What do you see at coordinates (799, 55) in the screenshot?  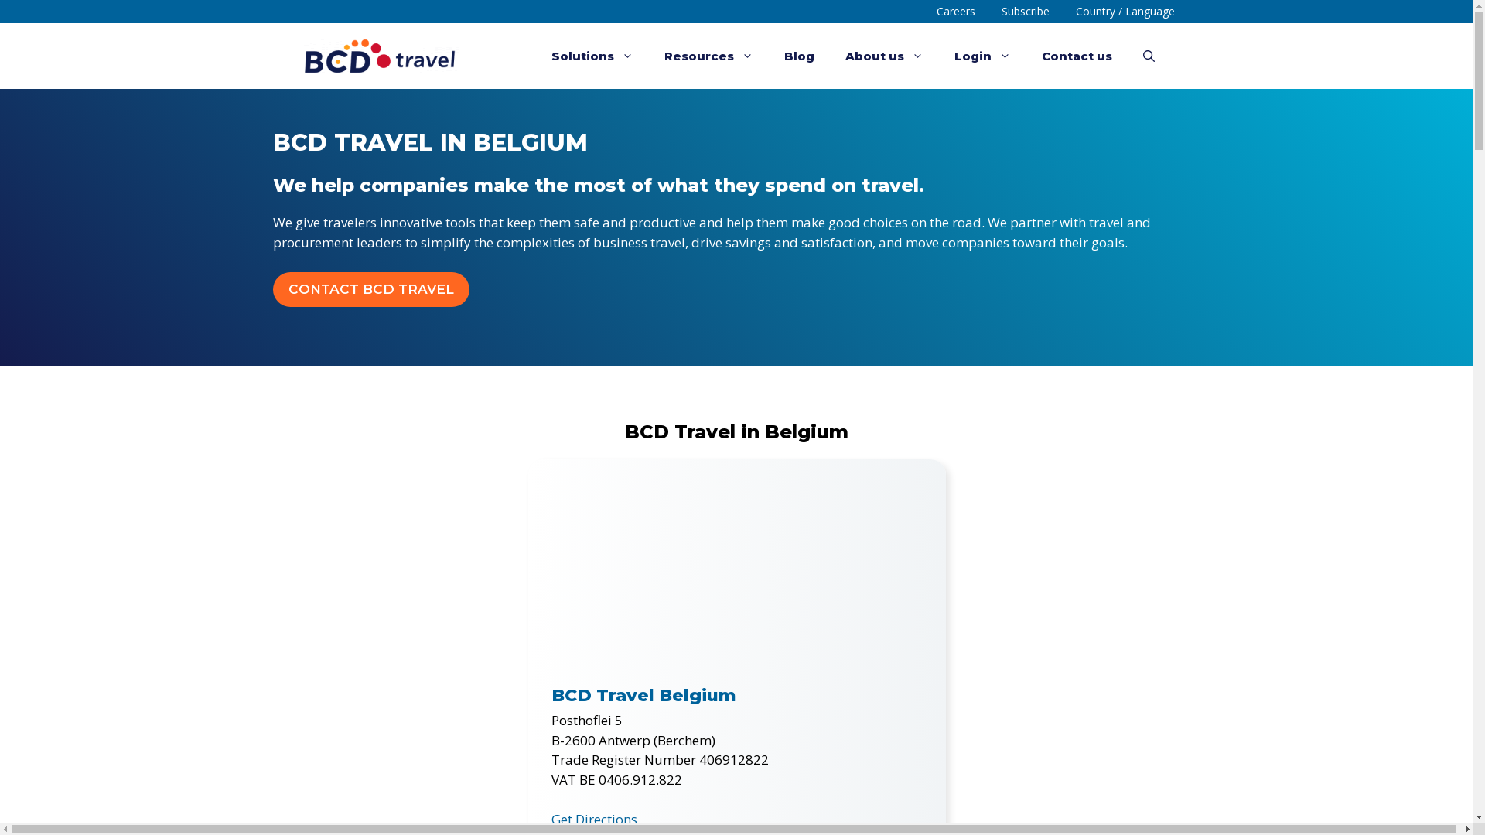 I see `'Blog'` at bounding box center [799, 55].